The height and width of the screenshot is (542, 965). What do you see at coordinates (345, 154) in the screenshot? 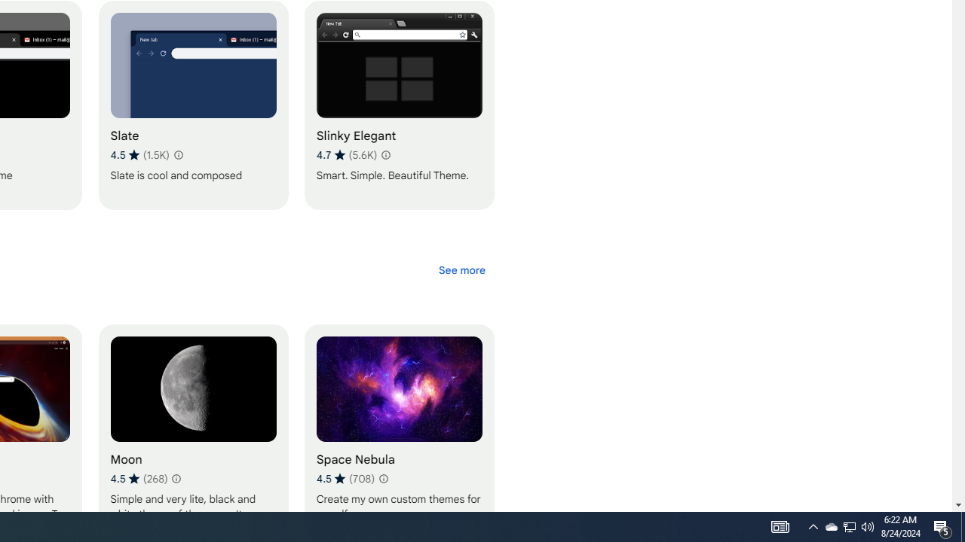
I see `'Average rating 4.7 out of 5 stars. 5.6K ratings.'` at bounding box center [345, 154].